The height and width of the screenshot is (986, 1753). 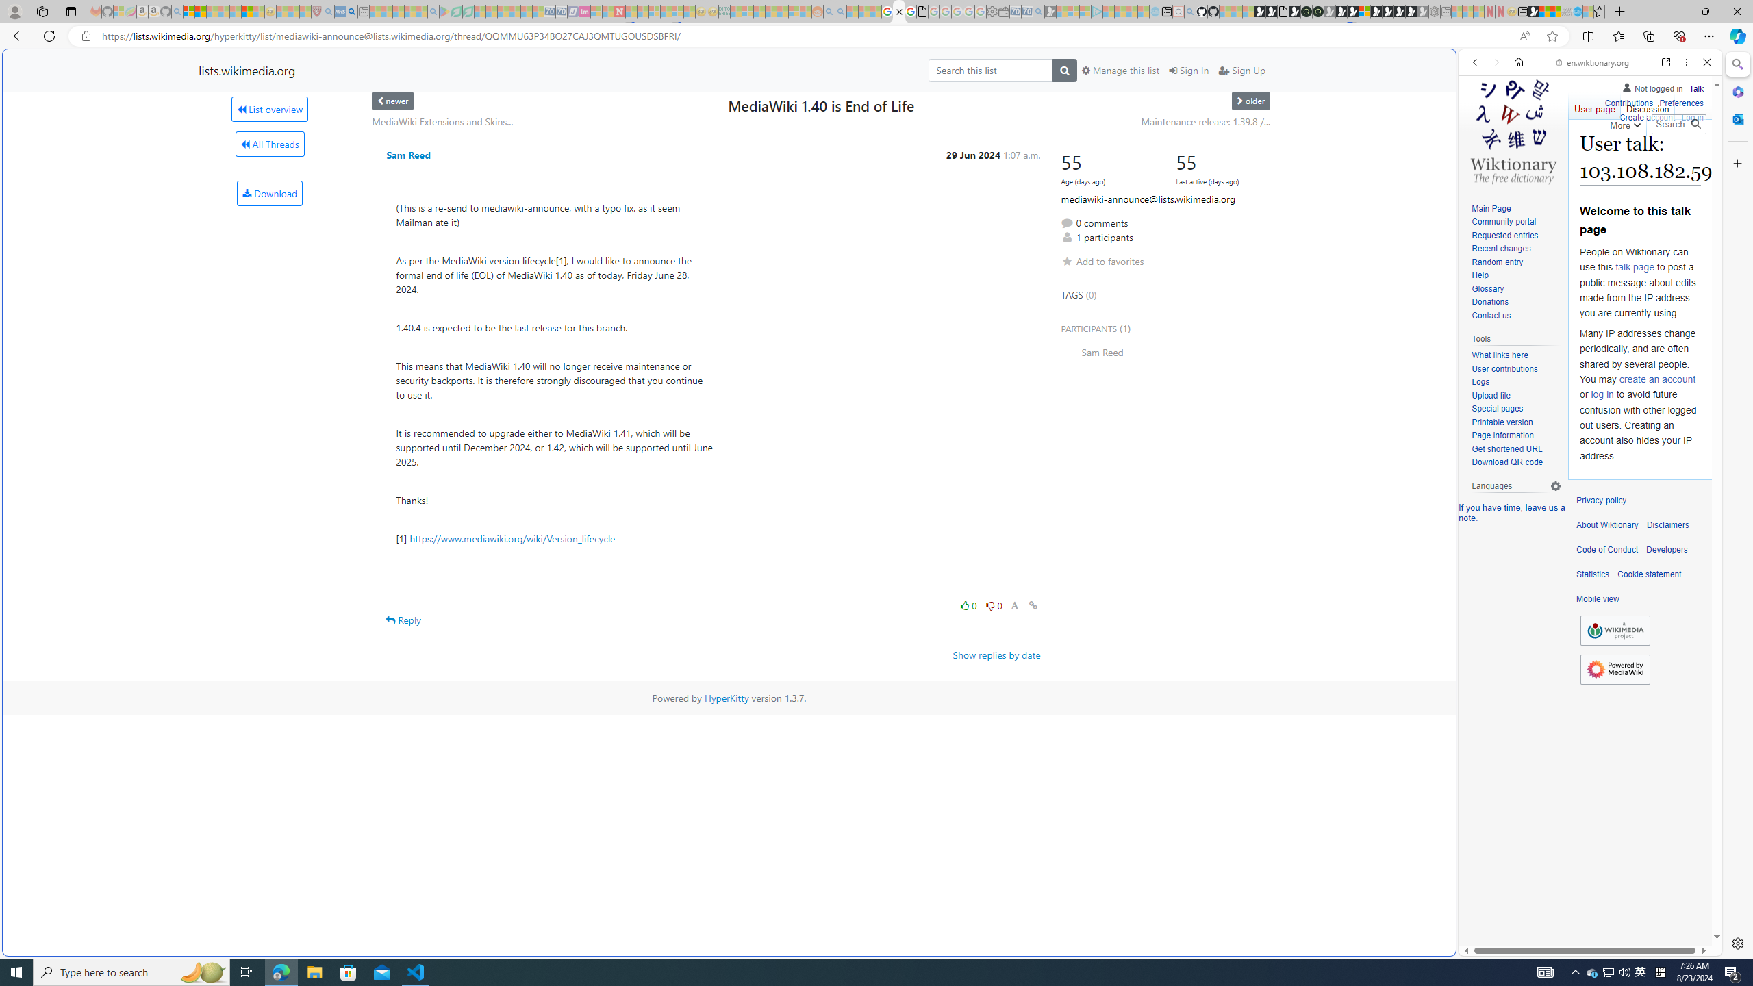 I want to click on 'Page information', so click(x=1502, y=435).